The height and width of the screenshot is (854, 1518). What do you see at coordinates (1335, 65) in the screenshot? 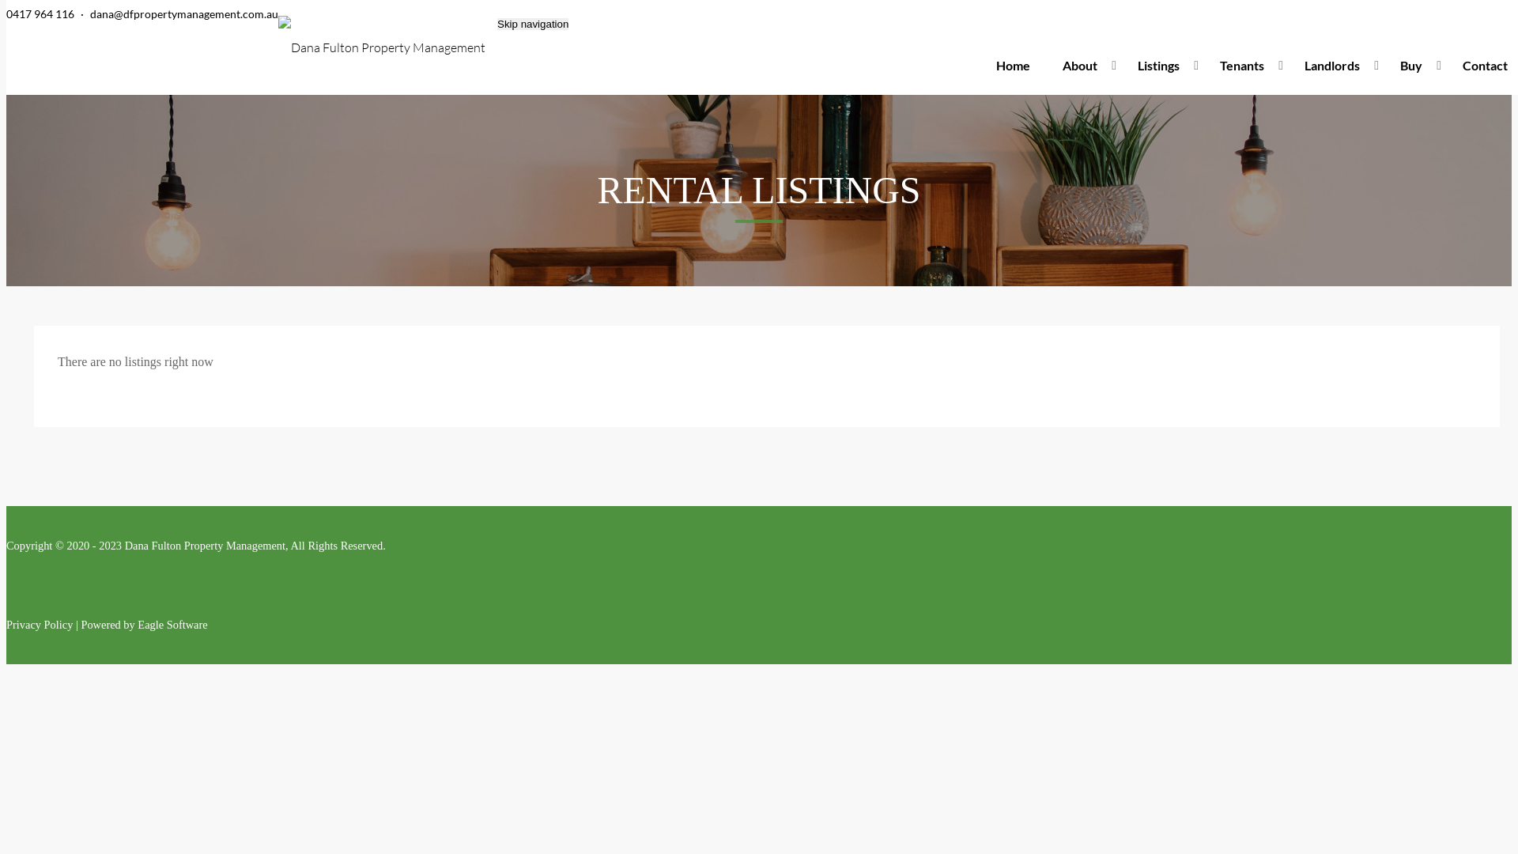
I see `'Landlords'` at bounding box center [1335, 65].